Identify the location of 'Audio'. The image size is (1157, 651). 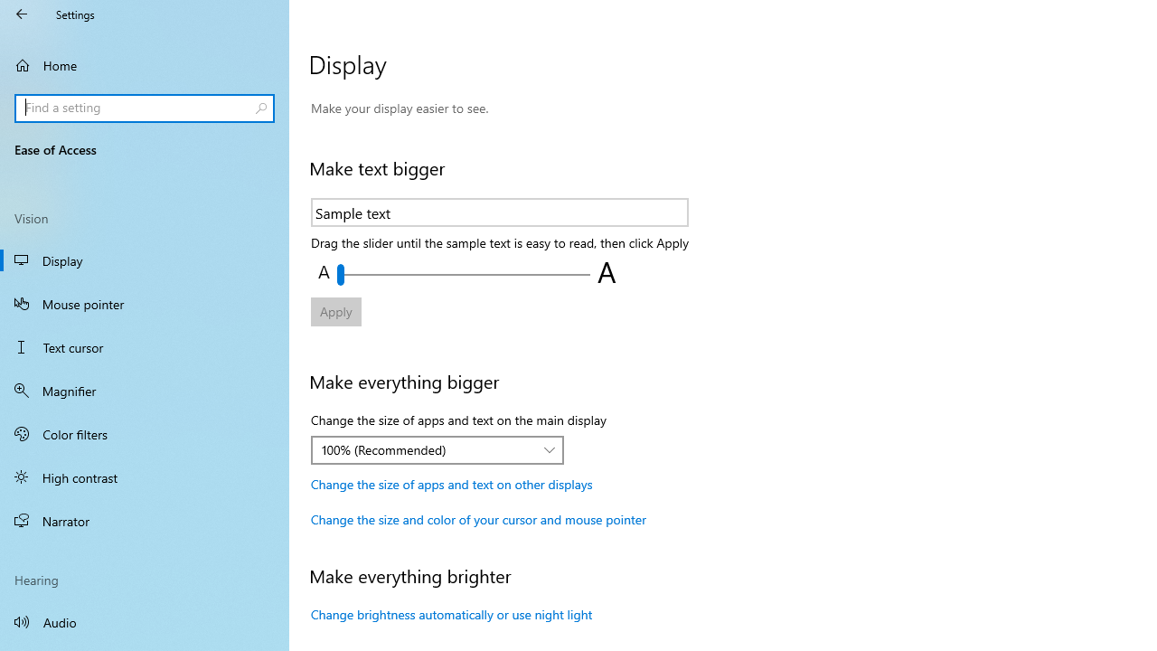
(145, 620).